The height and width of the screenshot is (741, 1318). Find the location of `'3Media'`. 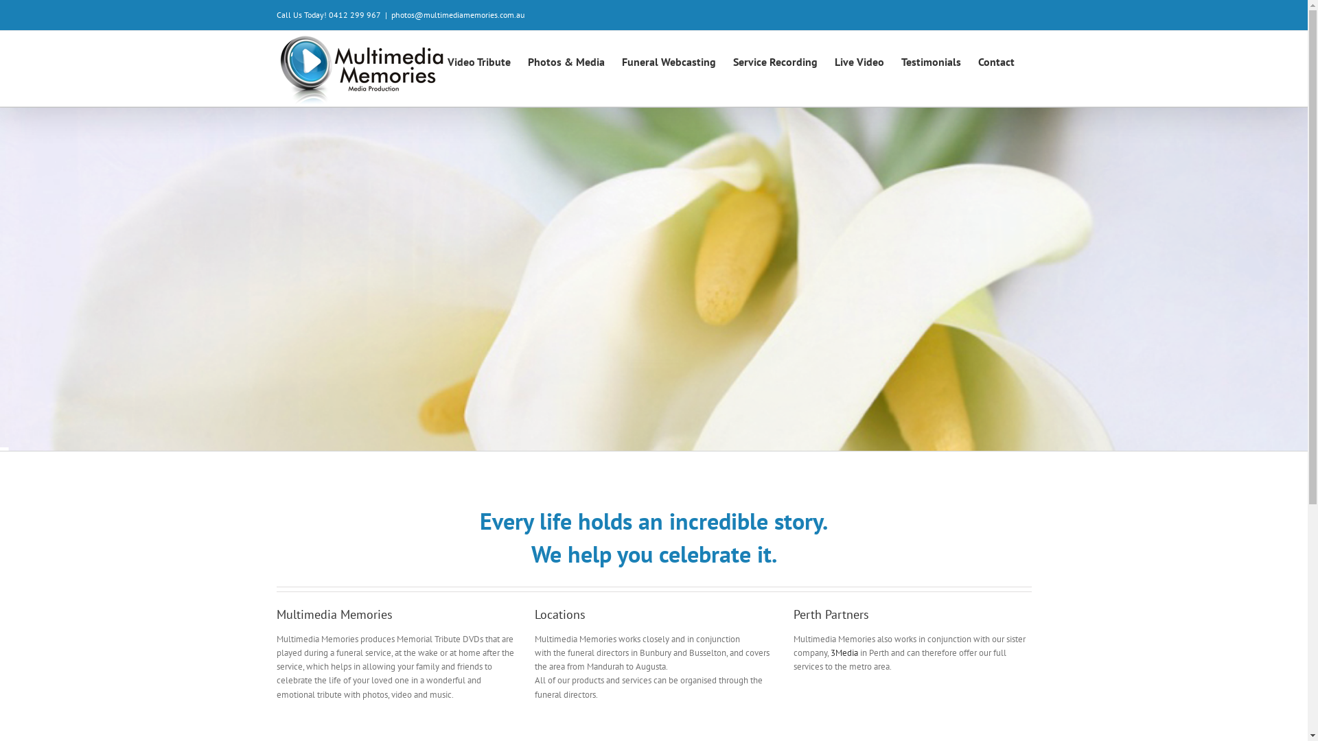

'3Media' is located at coordinates (844, 652).